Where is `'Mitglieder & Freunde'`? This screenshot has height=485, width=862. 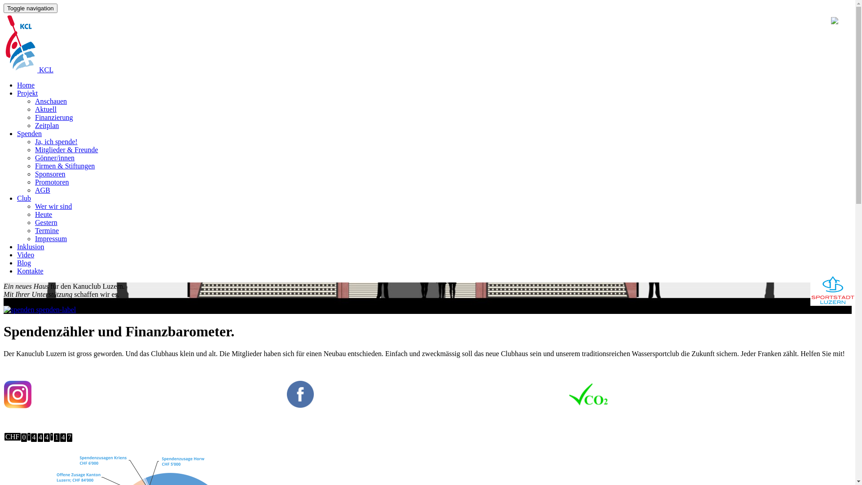 'Mitglieder & Freunde' is located at coordinates (66, 149).